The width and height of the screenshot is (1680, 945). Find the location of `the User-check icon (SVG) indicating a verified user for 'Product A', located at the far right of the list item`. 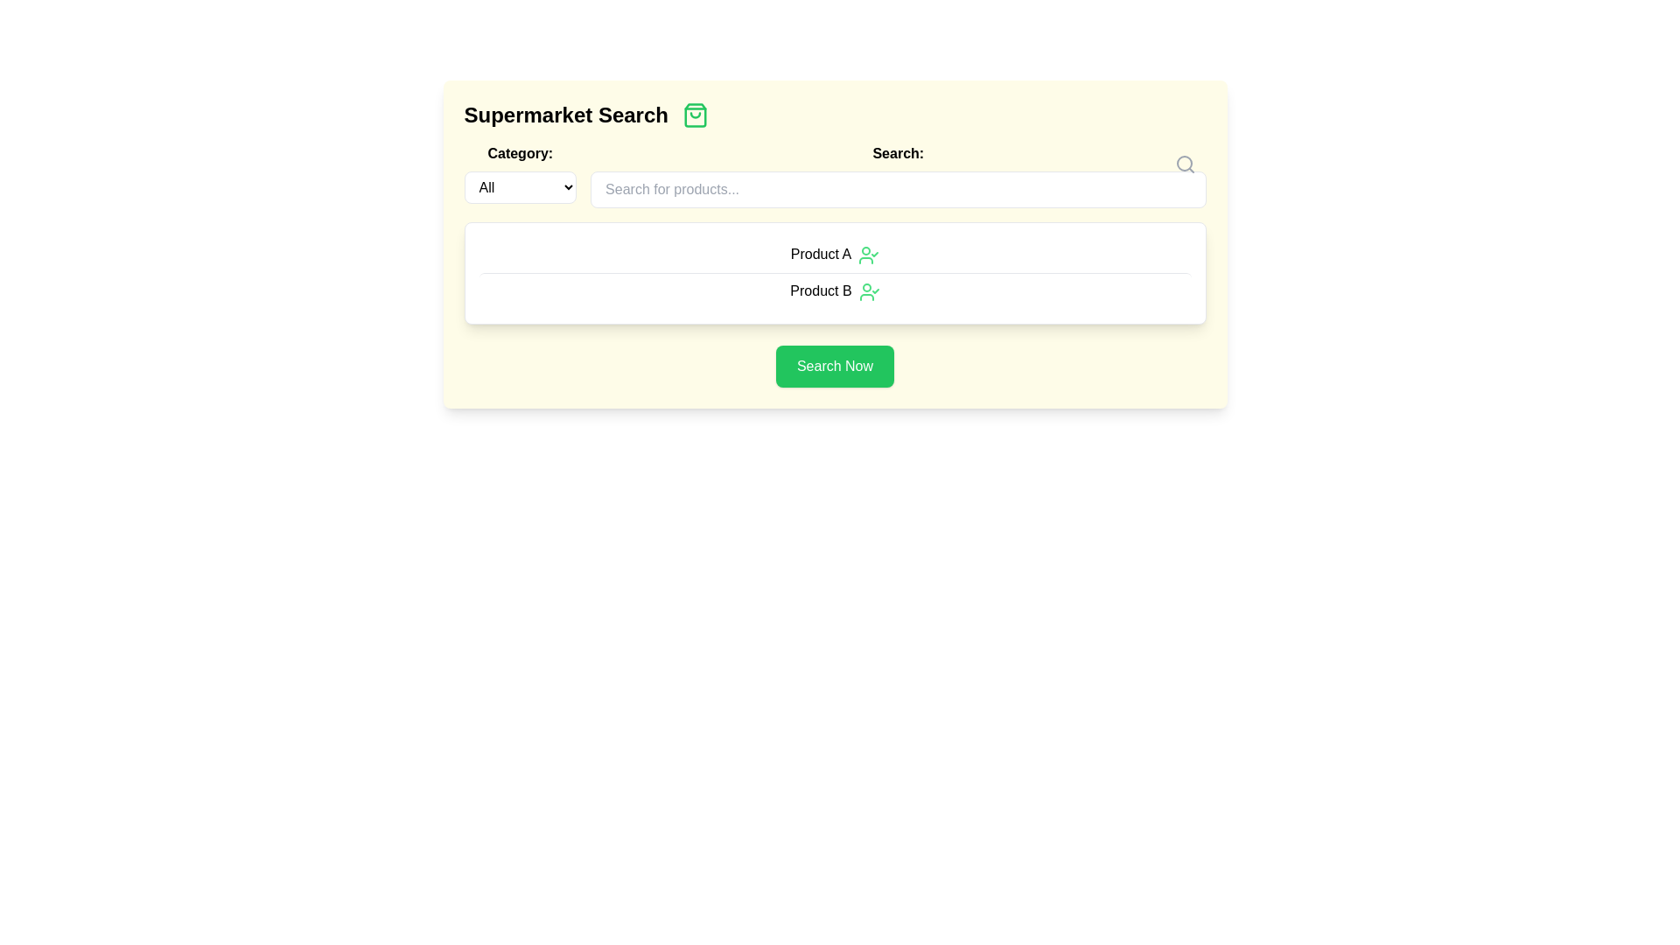

the User-check icon (SVG) indicating a verified user for 'Product A', located at the far right of the list item is located at coordinates (869, 255).